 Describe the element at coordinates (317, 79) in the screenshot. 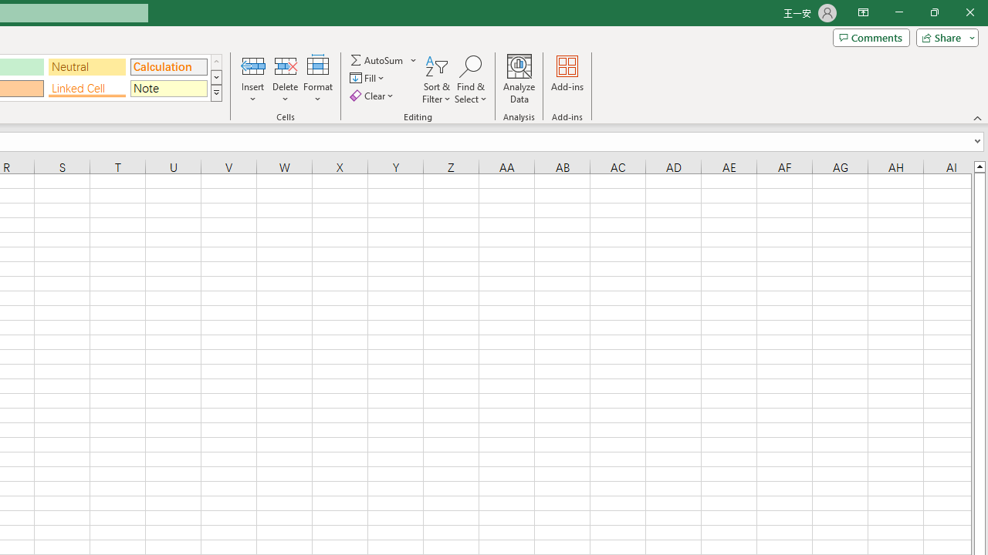

I see `'Format'` at that location.